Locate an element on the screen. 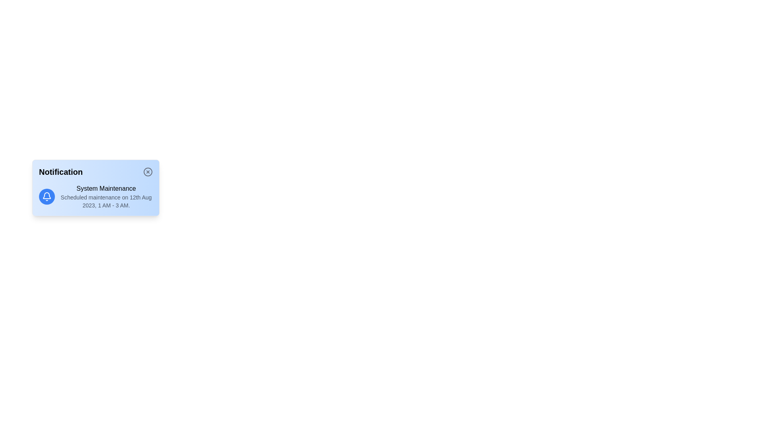 Image resolution: width=764 pixels, height=430 pixels. the 'Notification' text label, which is prominently displayed in large, bold black font at the top-left of a light blue card interface is located at coordinates (60, 172).